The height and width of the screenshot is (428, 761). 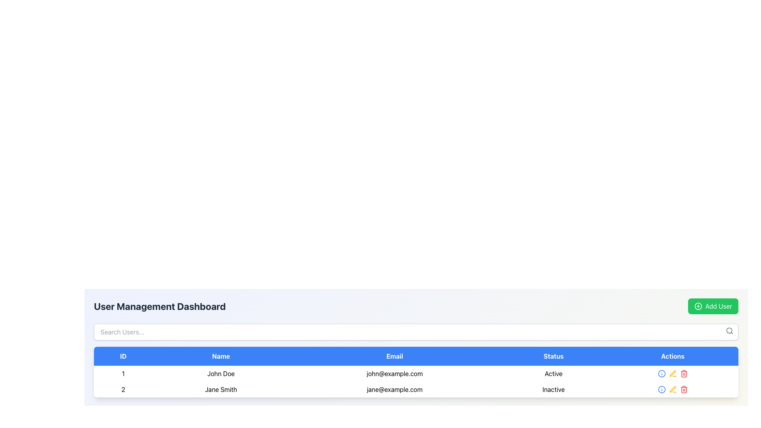 I want to click on the text label element containing 'ID' in white on a blue background, which is the first element in a horizontal sequence of five elements in the table header, so click(x=123, y=355).